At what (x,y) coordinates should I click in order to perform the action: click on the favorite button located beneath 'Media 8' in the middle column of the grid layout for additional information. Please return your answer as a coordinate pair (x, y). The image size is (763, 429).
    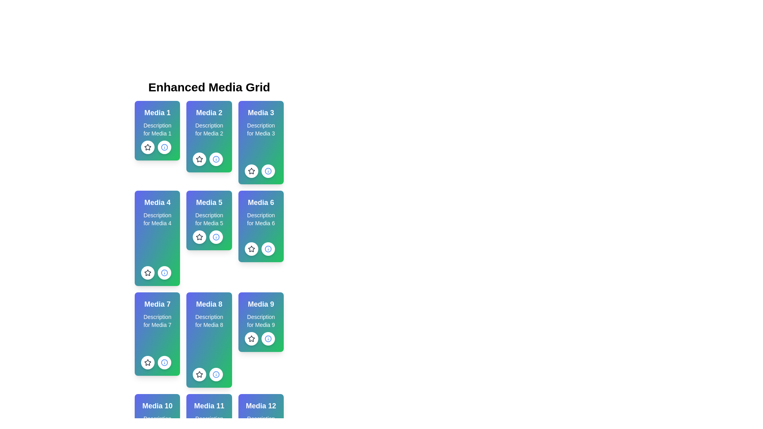
    Looking at the image, I should click on (199, 374).